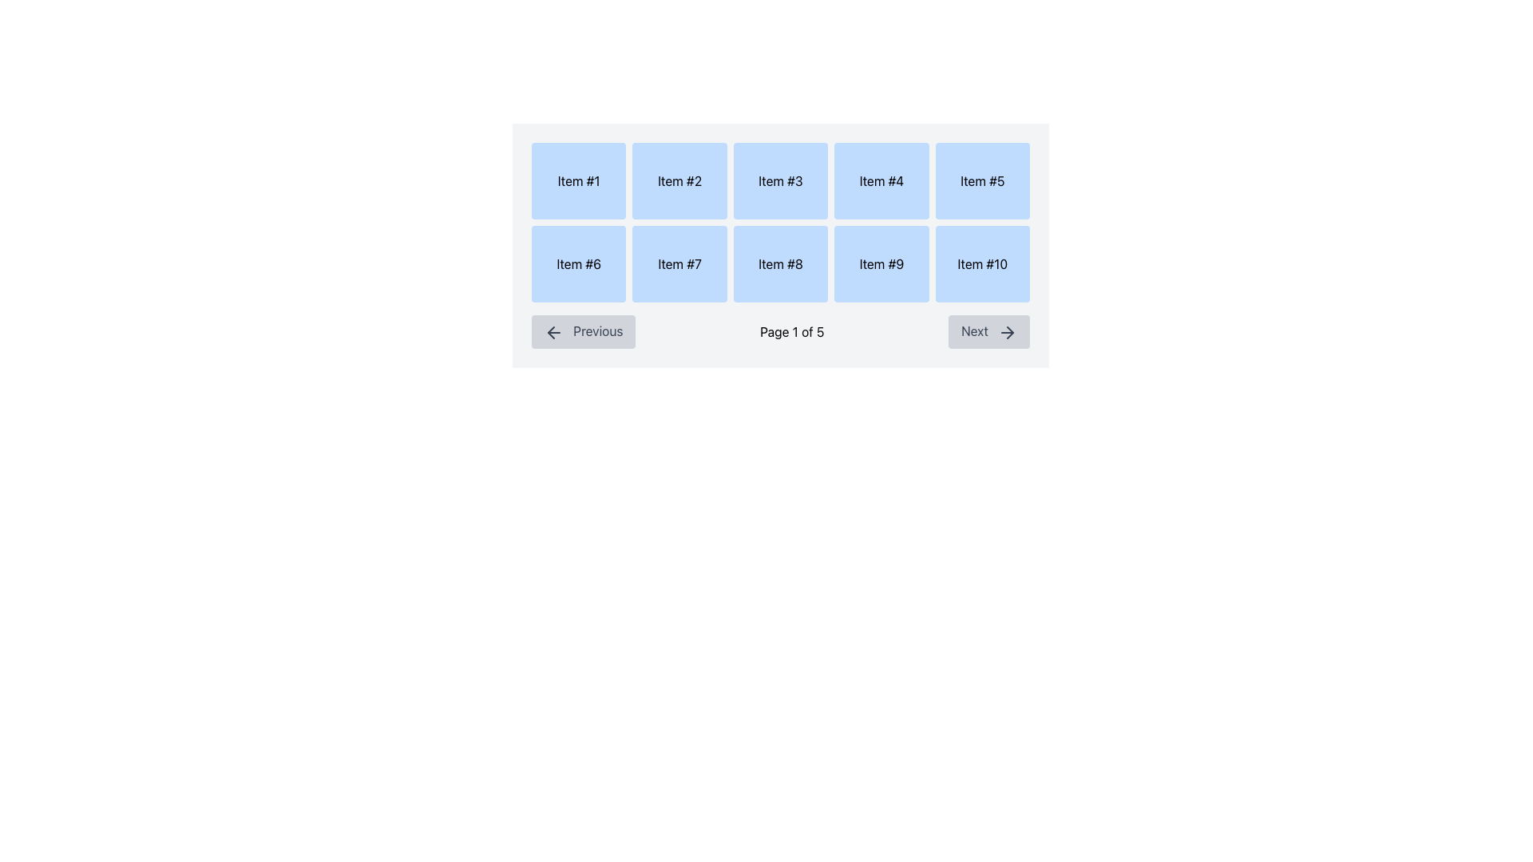  I want to click on the 'Previous' navigation button represented by an arrow symbol located in the bottom-left corner of the interface, so click(551, 331).